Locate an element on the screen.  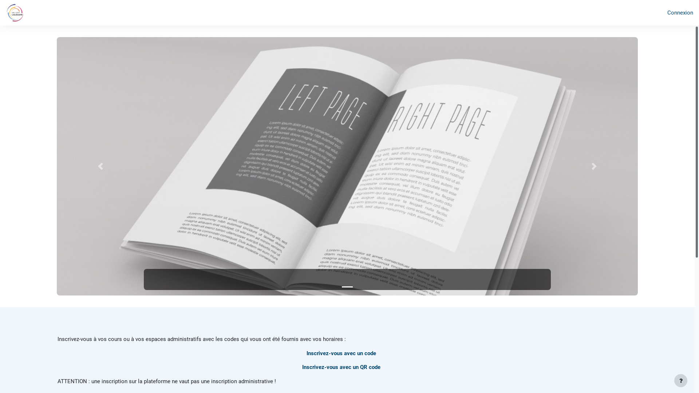
'Connexion' is located at coordinates (680, 13).